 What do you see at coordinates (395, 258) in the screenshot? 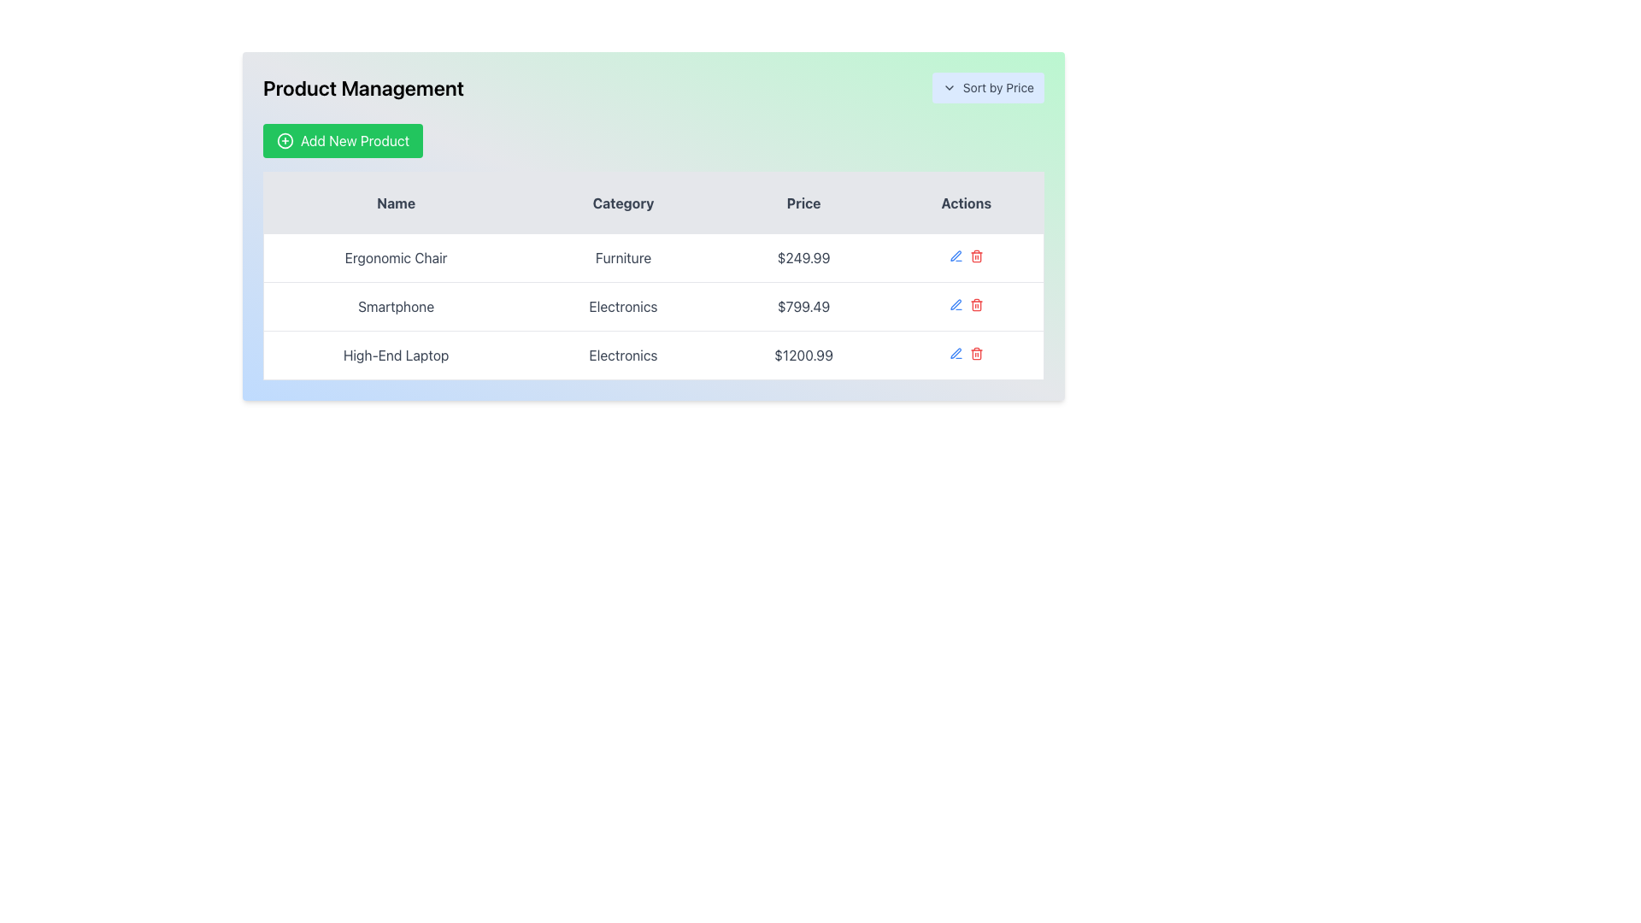
I see `the static text element displaying 'Ergonomic Chair' located in the first row of the 'Name' column within the product table` at bounding box center [395, 258].